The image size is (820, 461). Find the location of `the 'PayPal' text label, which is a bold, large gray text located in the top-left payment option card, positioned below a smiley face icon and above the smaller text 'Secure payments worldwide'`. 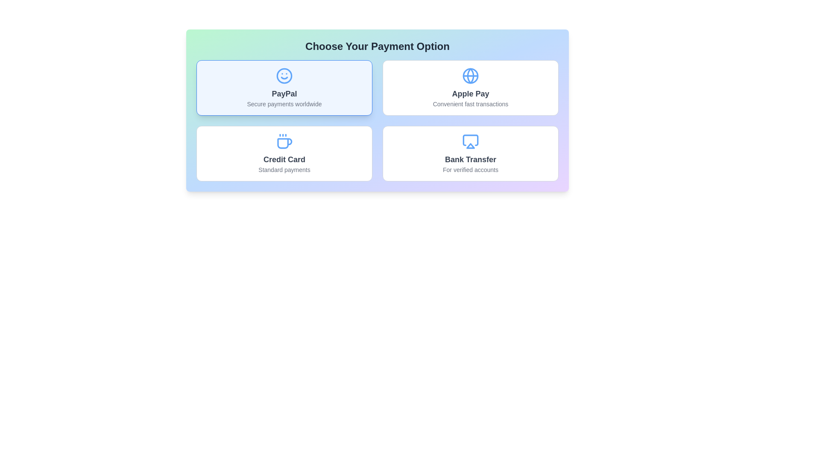

the 'PayPal' text label, which is a bold, large gray text located in the top-left payment option card, positioned below a smiley face icon and above the smaller text 'Secure payments worldwide' is located at coordinates (284, 93).